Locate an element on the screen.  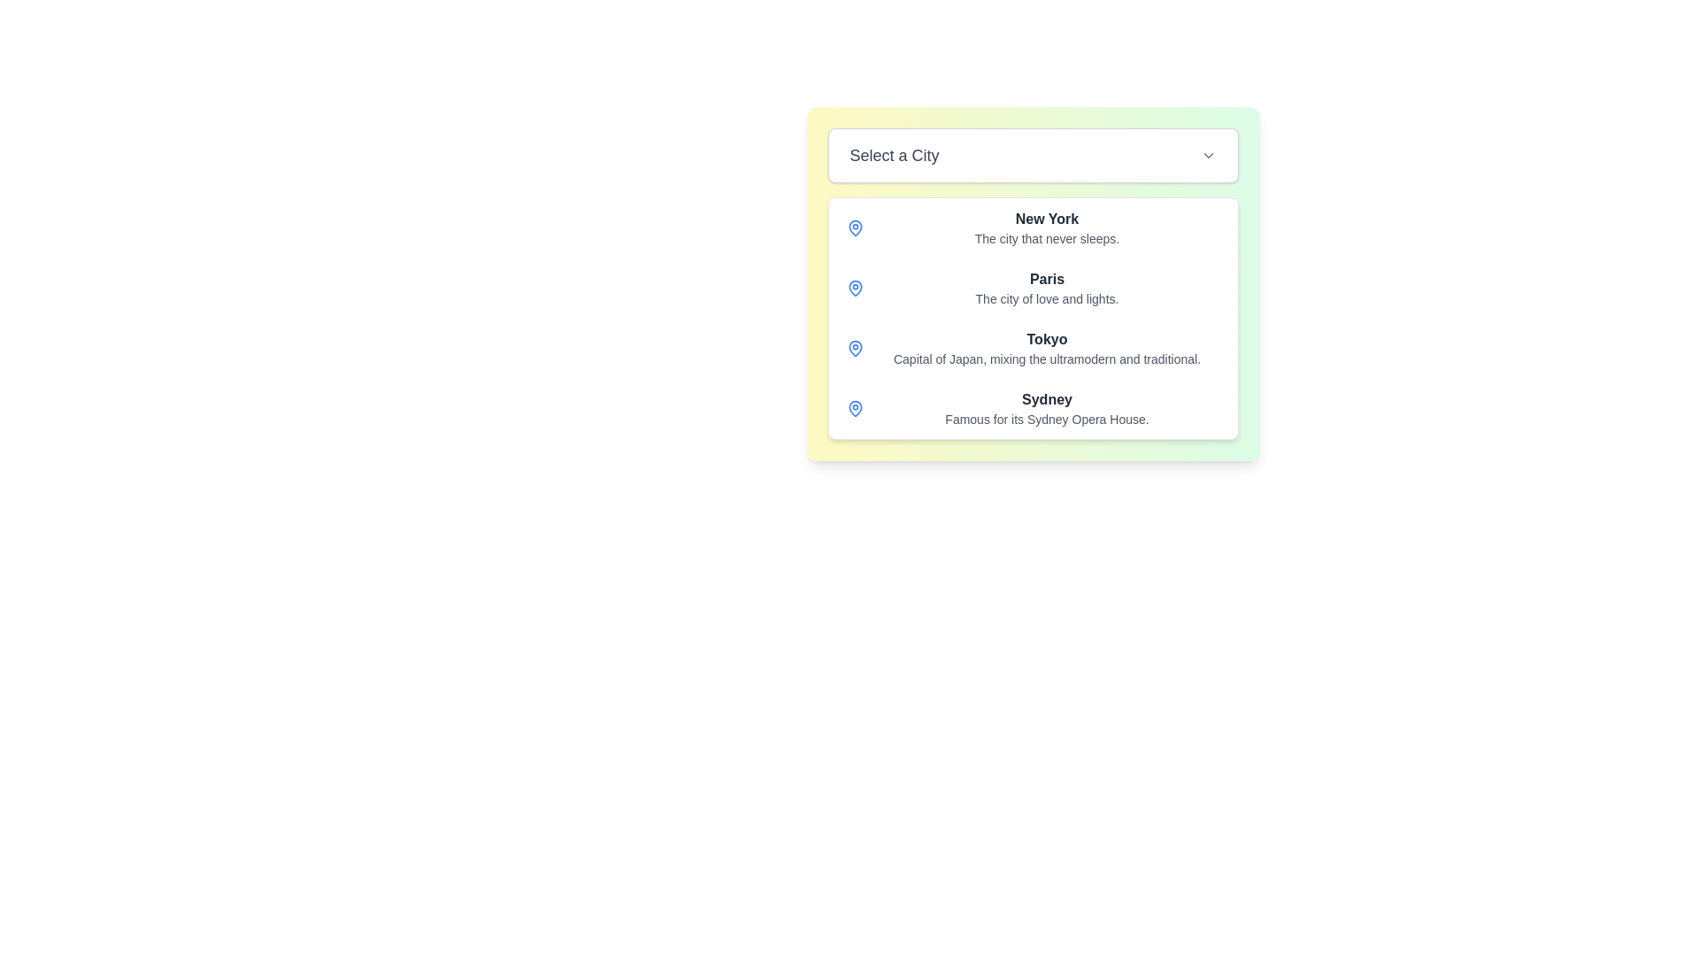
the Text label containing 'Paris' in bold dark gray font and 'The city of love and lights.' underneath, which is located in the second group of a list-like structure, between 'New York' above and 'Tokyo' below is located at coordinates (1047, 288).